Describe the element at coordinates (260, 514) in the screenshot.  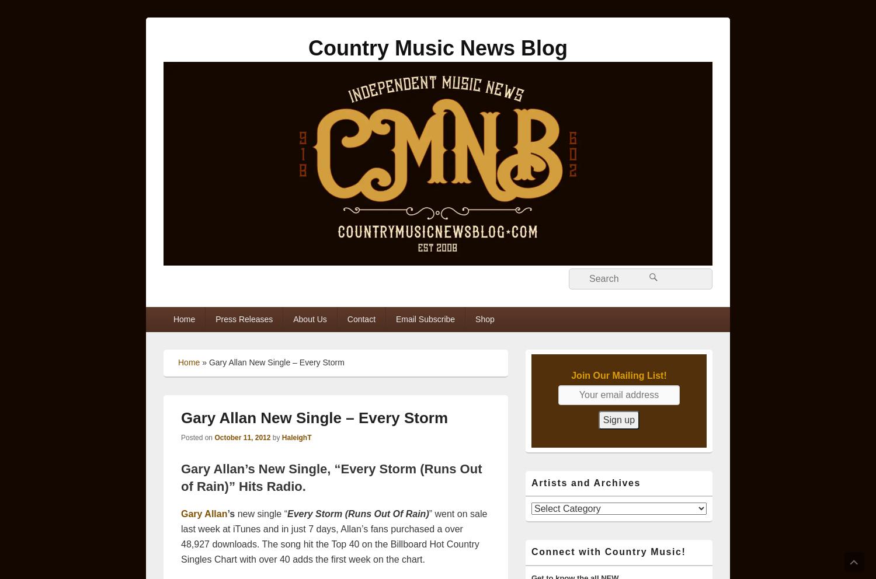
I see `'new single “'` at that location.